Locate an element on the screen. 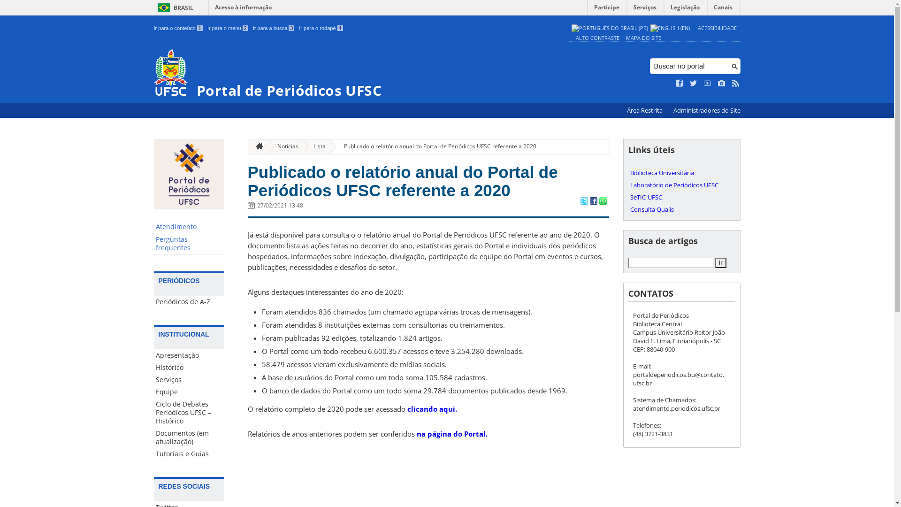  'Consulta Qualis' is located at coordinates (681, 209).